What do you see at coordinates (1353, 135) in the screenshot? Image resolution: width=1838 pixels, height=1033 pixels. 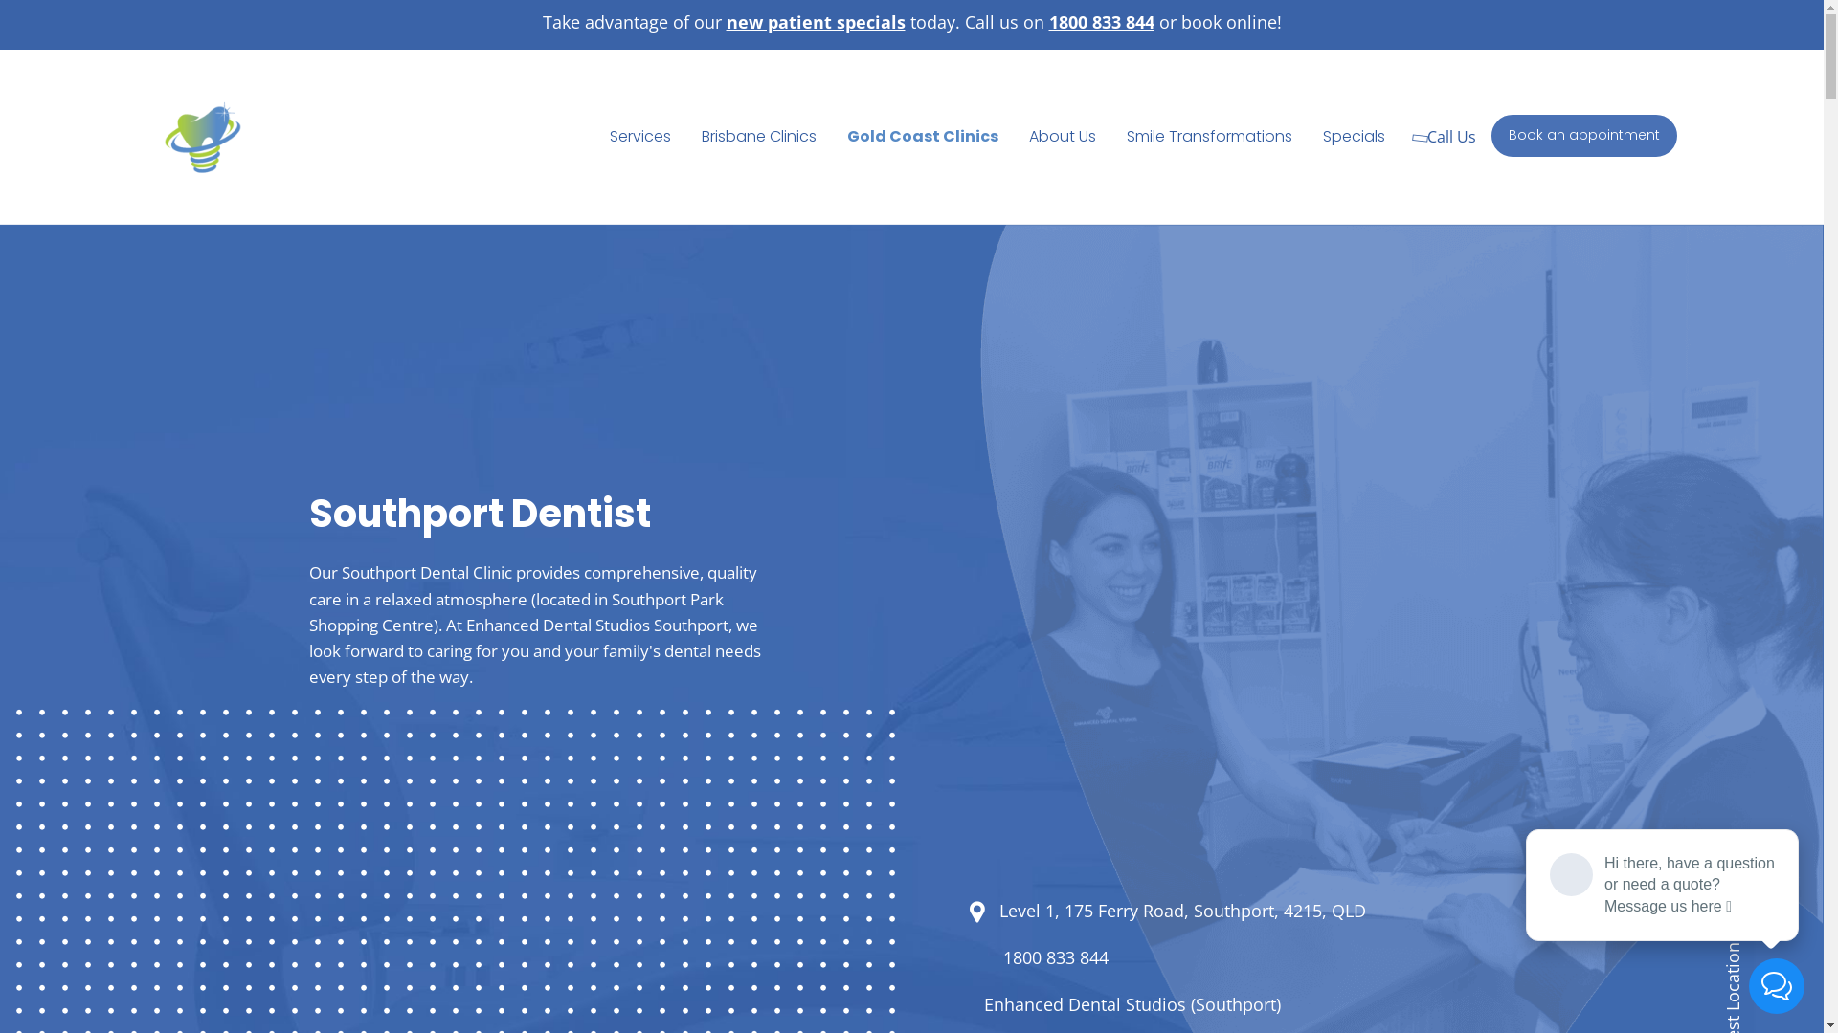 I see `'Specials'` at bounding box center [1353, 135].